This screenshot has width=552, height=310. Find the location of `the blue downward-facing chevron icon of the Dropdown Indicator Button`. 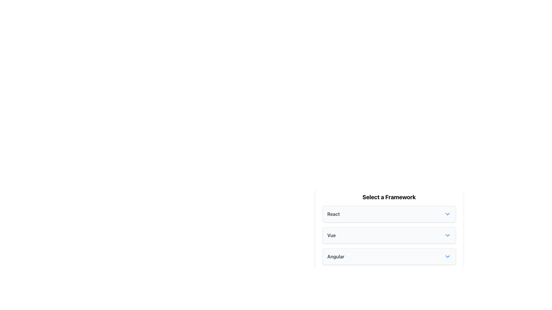

the blue downward-facing chevron icon of the Dropdown Indicator Button is located at coordinates (447, 235).